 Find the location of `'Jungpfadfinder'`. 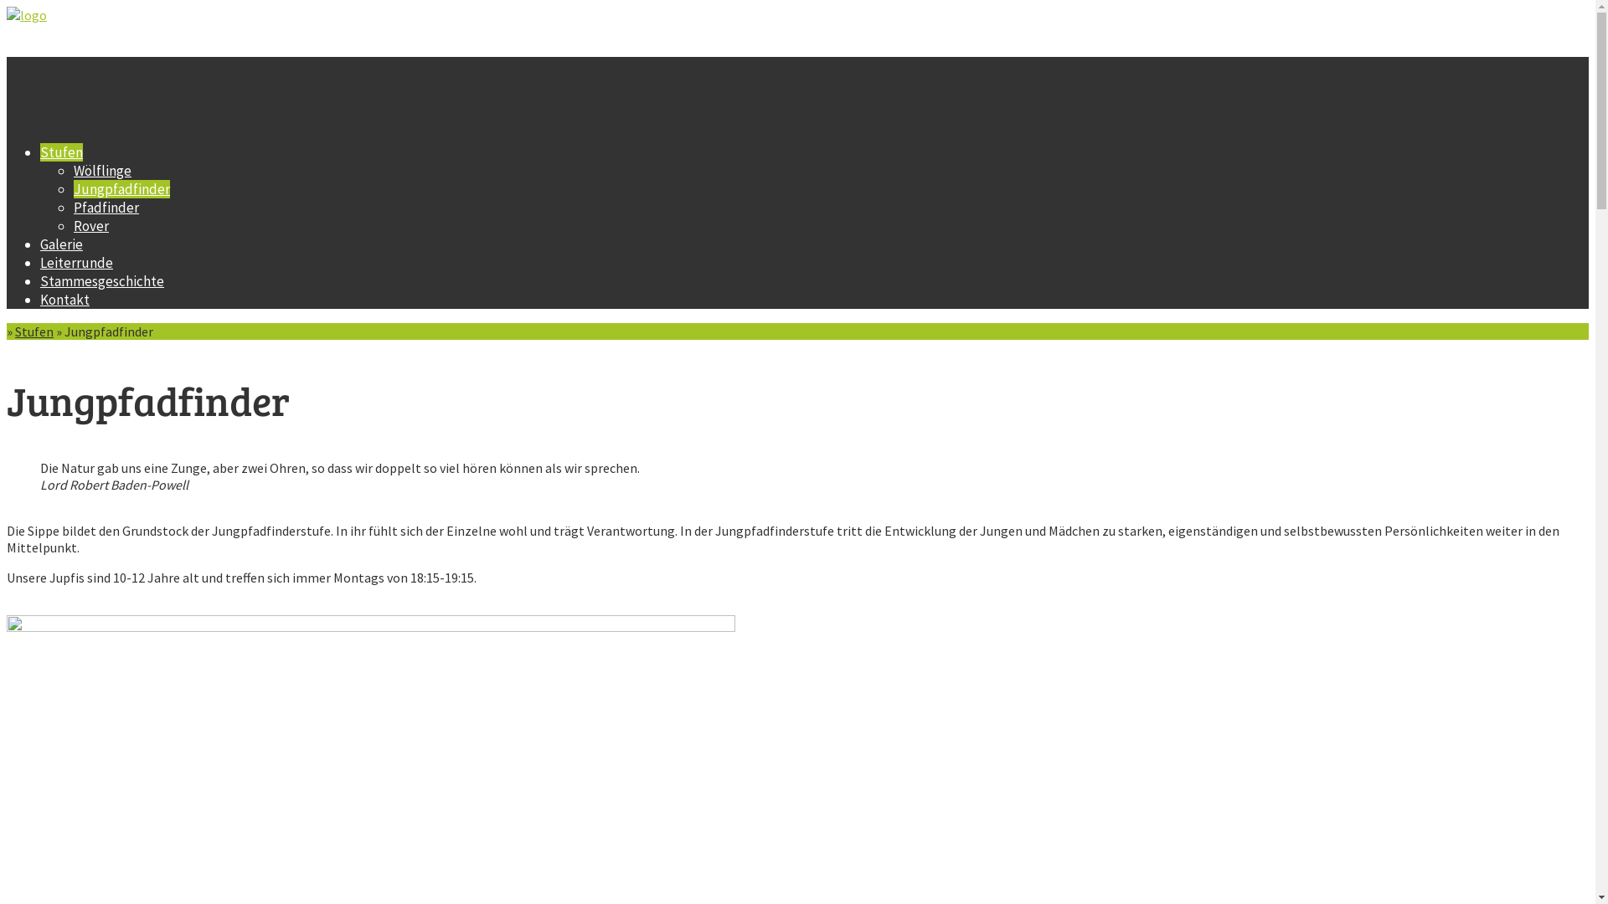

'Jungpfadfinder' is located at coordinates (72, 188).